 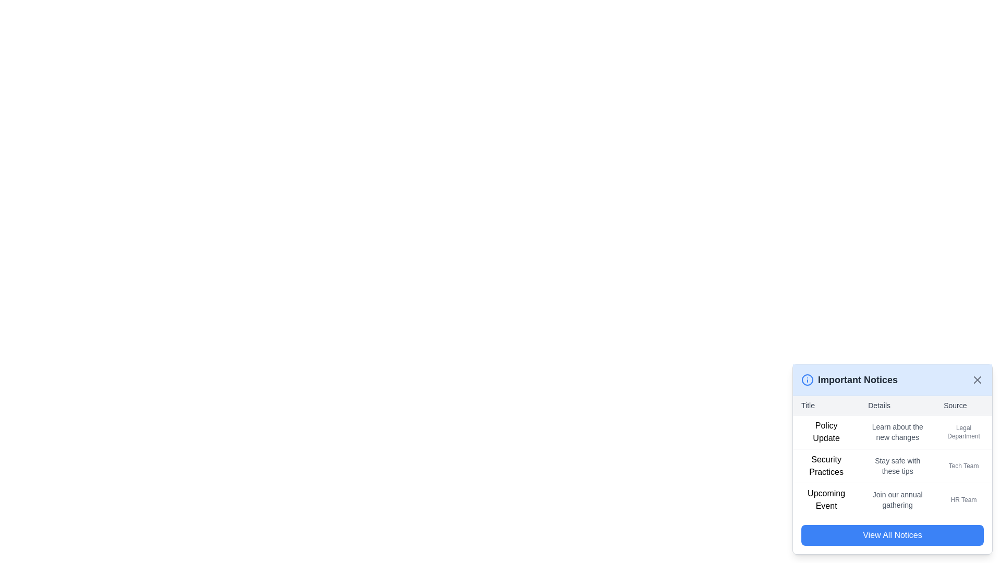 What do you see at coordinates (897, 466) in the screenshot?
I see `the Text Label providing additional details about the 'Security Practices' entry in the notices panel, which is located in the middle cell of the 'Security Practices' row in the 'Details' column` at bounding box center [897, 466].